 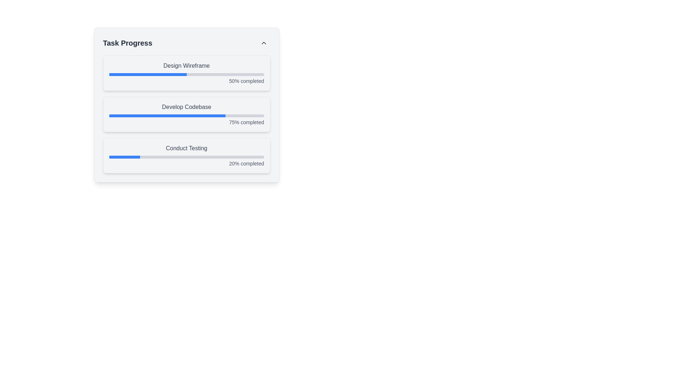 What do you see at coordinates (186, 66) in the screenshot?
I see `the 'Design Wireframe' text label, which is a gray font label positioned above a progress bar and the text '50% completed'` at bounding box center [186, 66].